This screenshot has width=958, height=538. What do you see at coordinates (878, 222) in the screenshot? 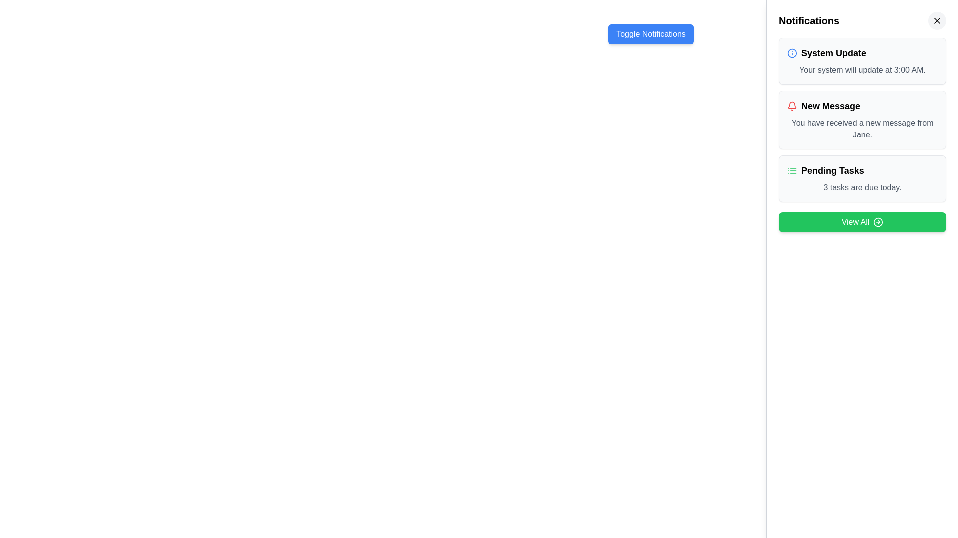
I see `the green button labeled 'View All' which contains a circular arrow icon` at bounding box center [878, 222].